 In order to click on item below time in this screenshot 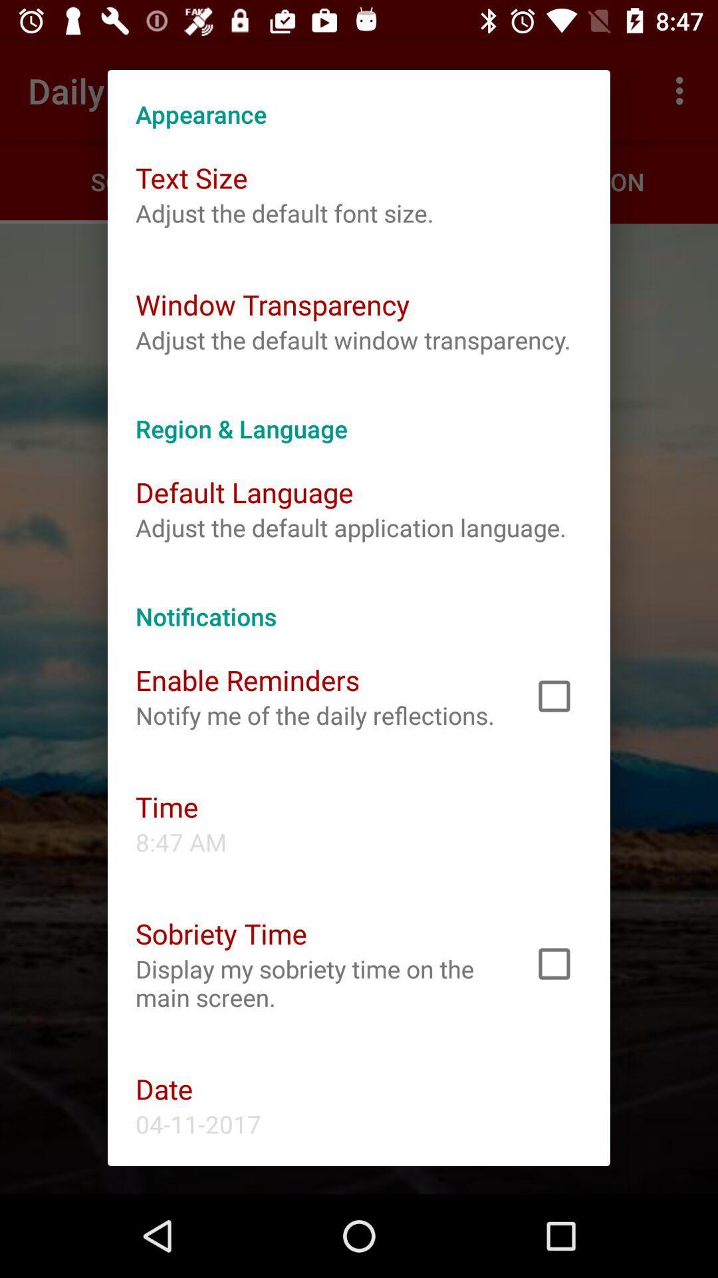, I will do `click(181, 841)`.